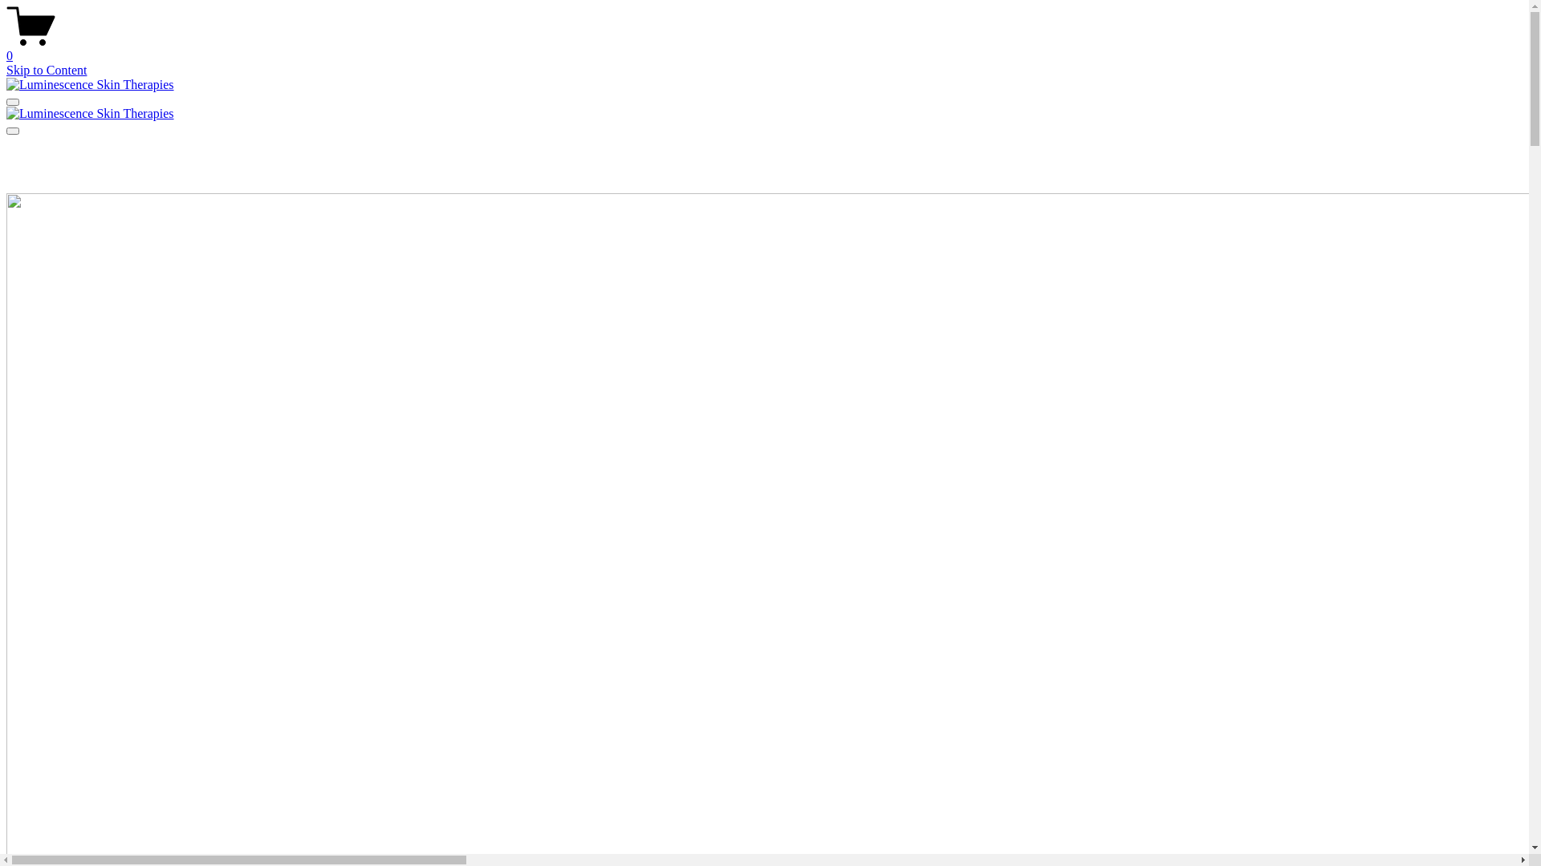  I want to click on 'Skip to Content', so click(46, 69).